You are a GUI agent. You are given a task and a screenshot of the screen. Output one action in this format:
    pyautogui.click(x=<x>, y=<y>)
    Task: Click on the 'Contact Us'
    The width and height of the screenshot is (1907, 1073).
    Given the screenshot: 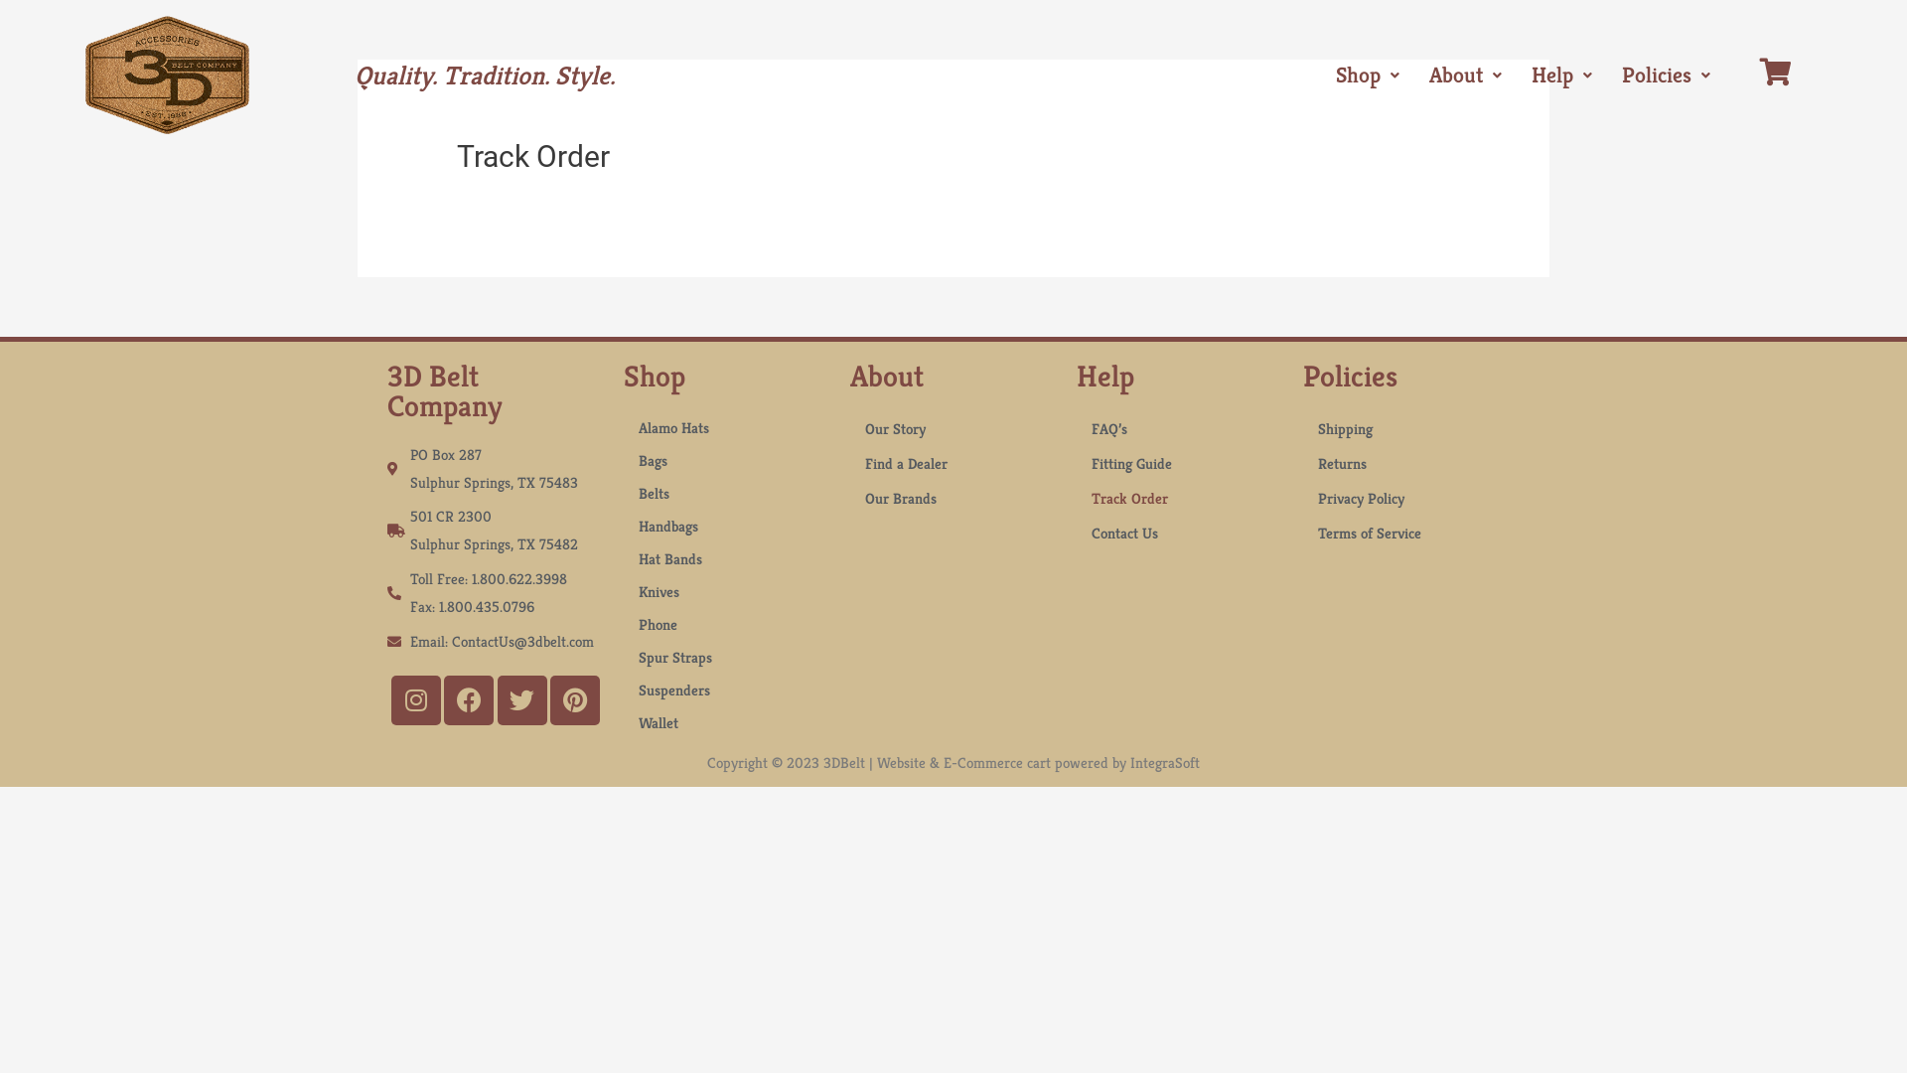 What is the action you would take?
    pyautogui.click(x=1180, y=532)
    